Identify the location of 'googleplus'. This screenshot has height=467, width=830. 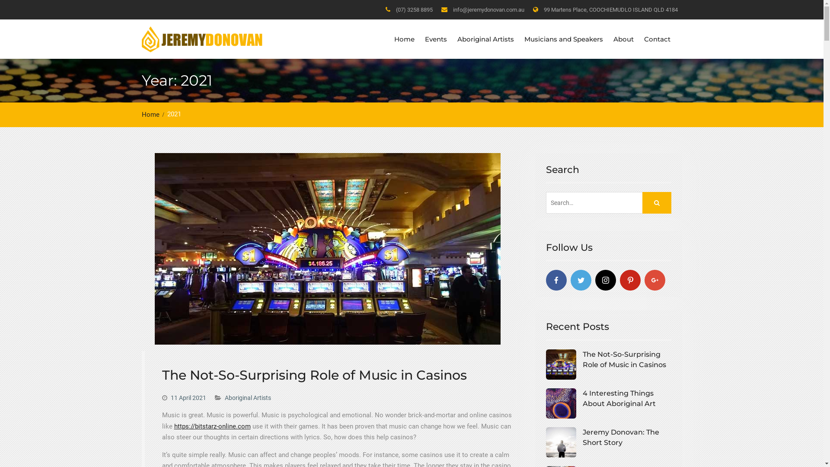
(654, 280).